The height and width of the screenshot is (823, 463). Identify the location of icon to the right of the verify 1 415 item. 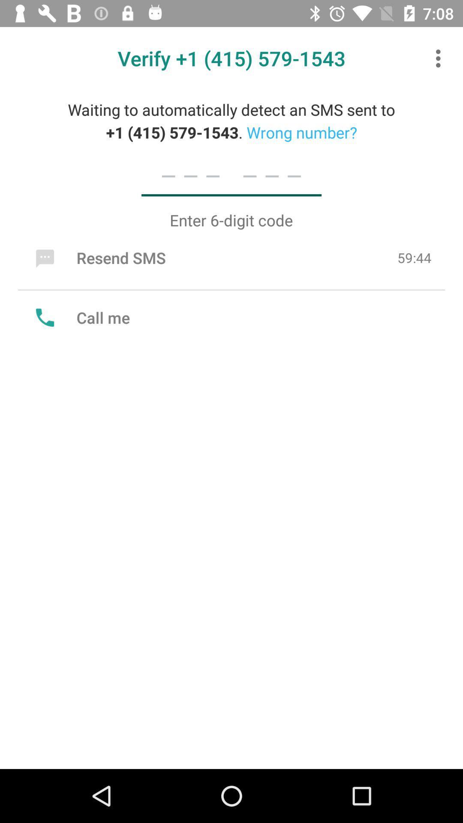
(440, 58).